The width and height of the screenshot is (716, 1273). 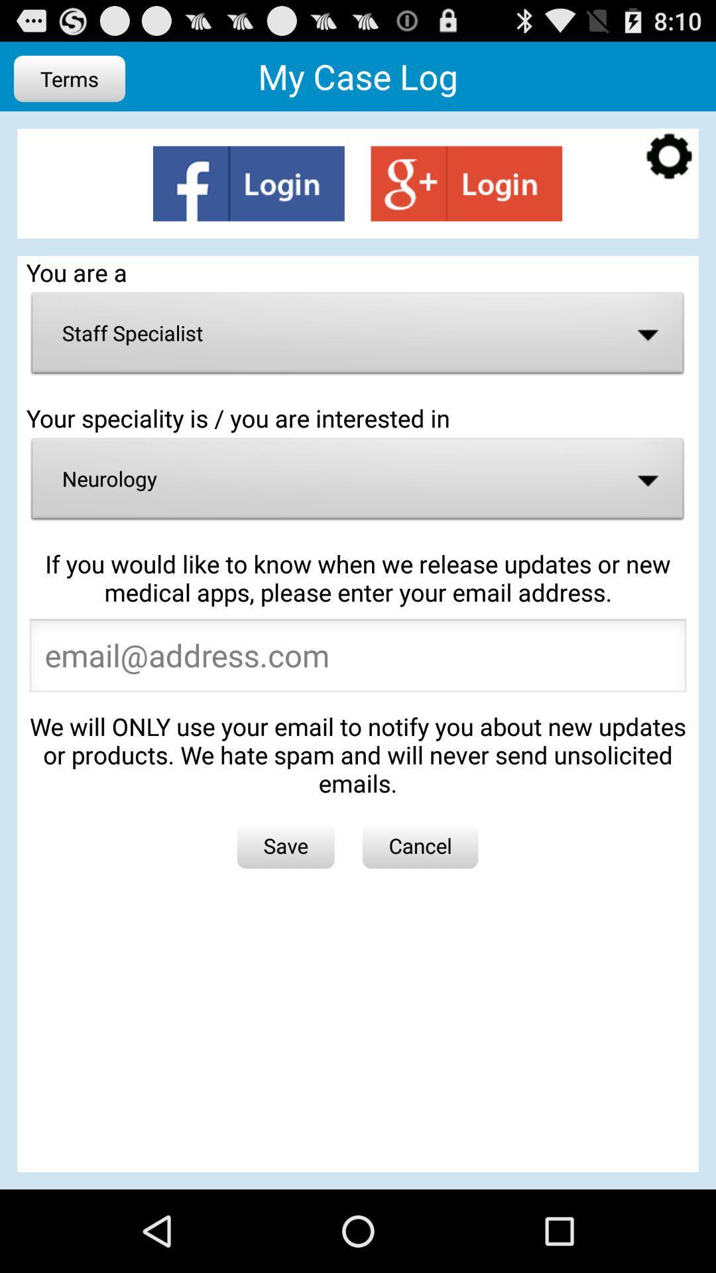 I want to click on login page, so click(x=465, y=183).